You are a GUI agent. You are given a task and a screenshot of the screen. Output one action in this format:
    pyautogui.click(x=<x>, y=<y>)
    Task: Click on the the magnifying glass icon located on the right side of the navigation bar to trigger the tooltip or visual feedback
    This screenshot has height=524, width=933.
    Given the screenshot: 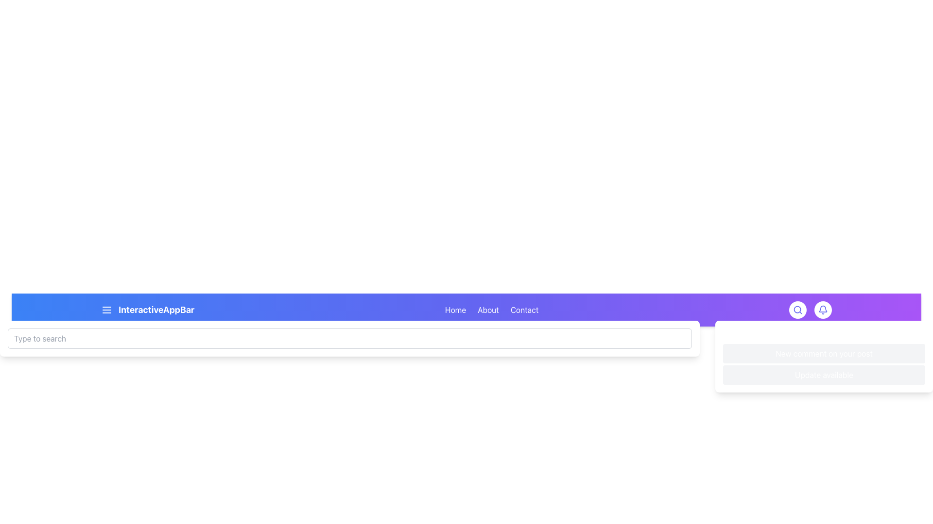 What is the action you would take?
    pyautogui.click(x=797, y=310)
    